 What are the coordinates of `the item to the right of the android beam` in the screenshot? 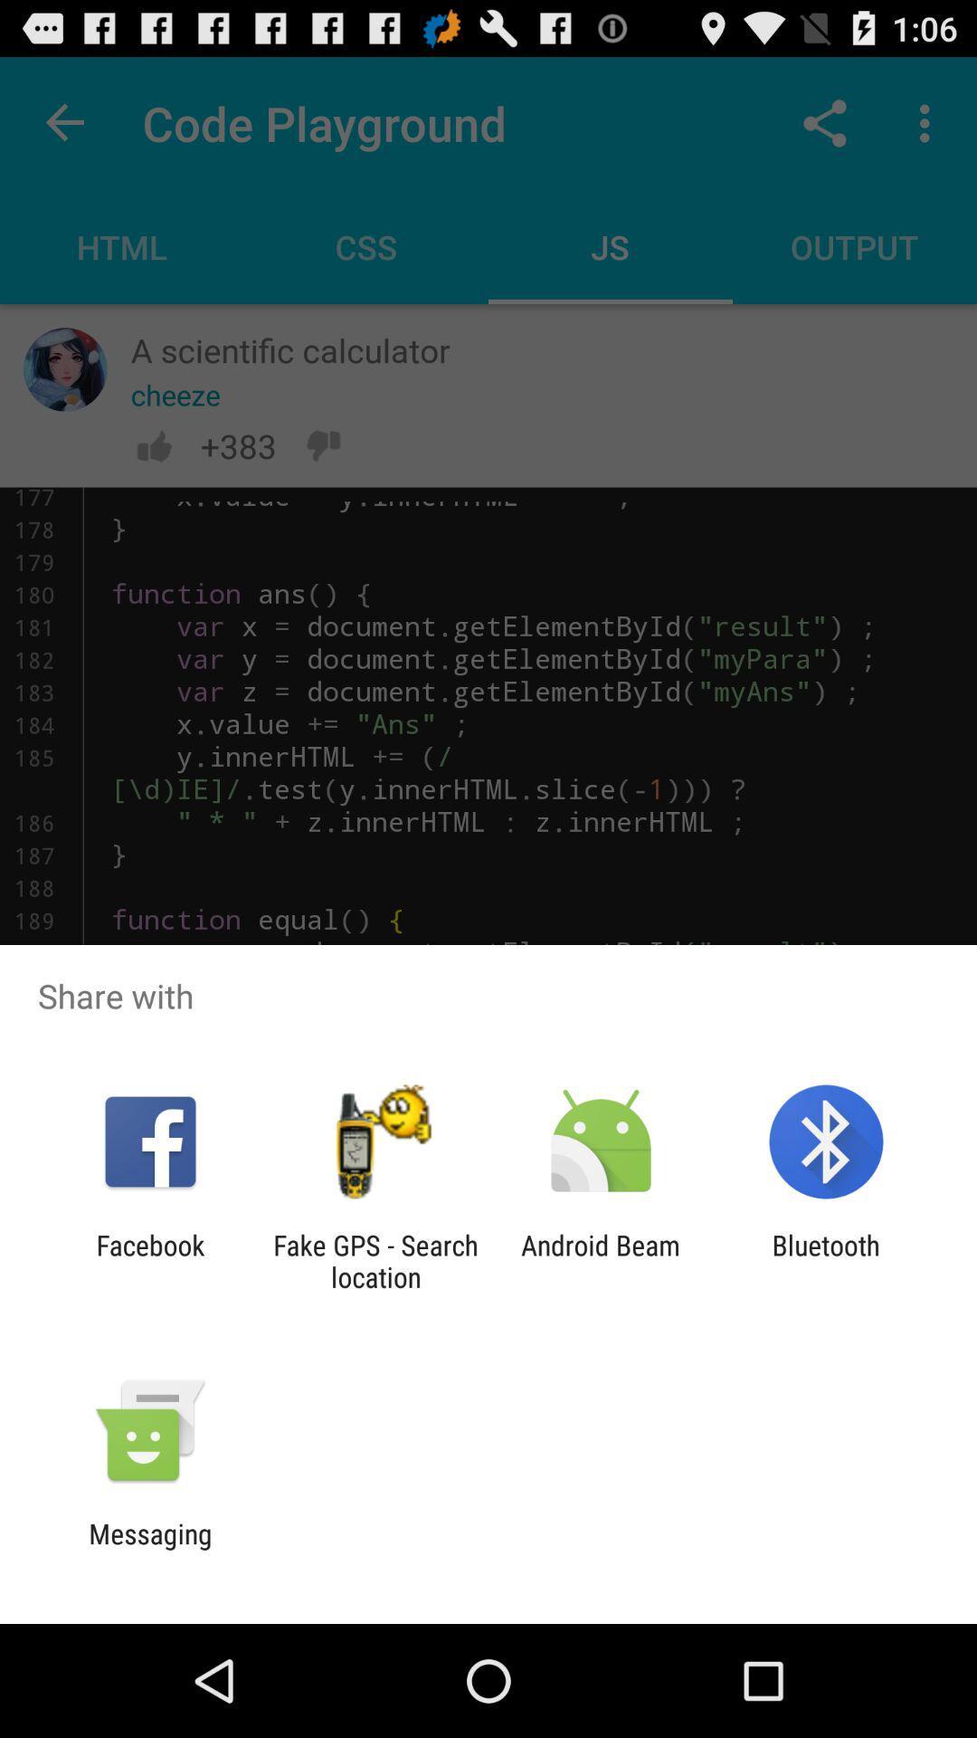 It's located at (826, 1260).